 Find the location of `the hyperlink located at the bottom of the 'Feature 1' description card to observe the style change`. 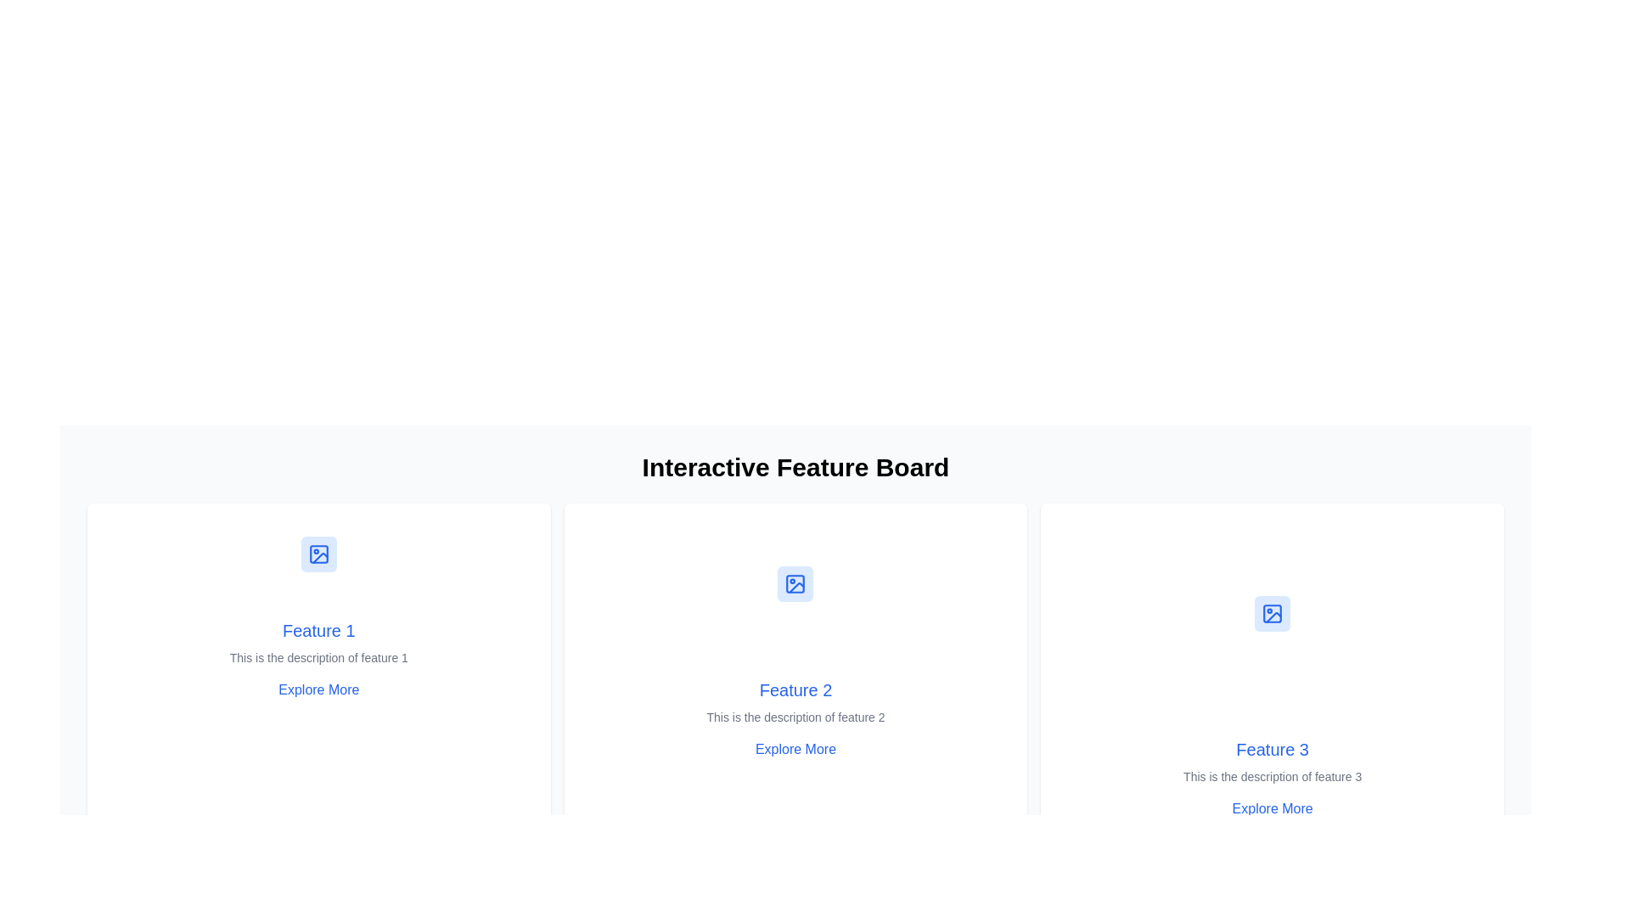

the hyperlink located at the bottom of the 'Feature 1' description card to observe the style change is located at coordinates (318, 690).